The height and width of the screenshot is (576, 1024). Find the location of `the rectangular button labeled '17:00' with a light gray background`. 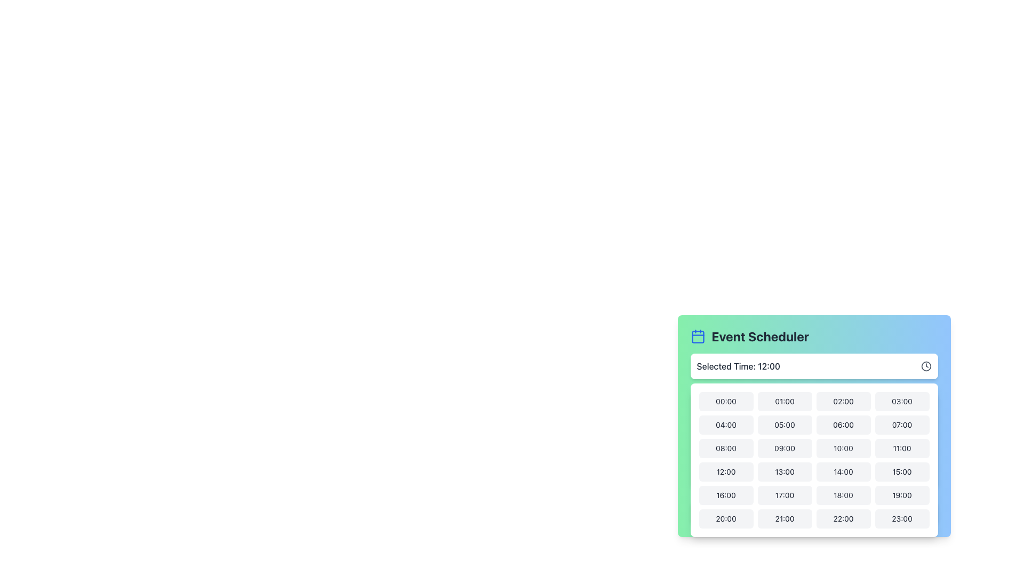

the rectangular button labeled '17:00' with a light gray background is located at coordinates (785, 495).